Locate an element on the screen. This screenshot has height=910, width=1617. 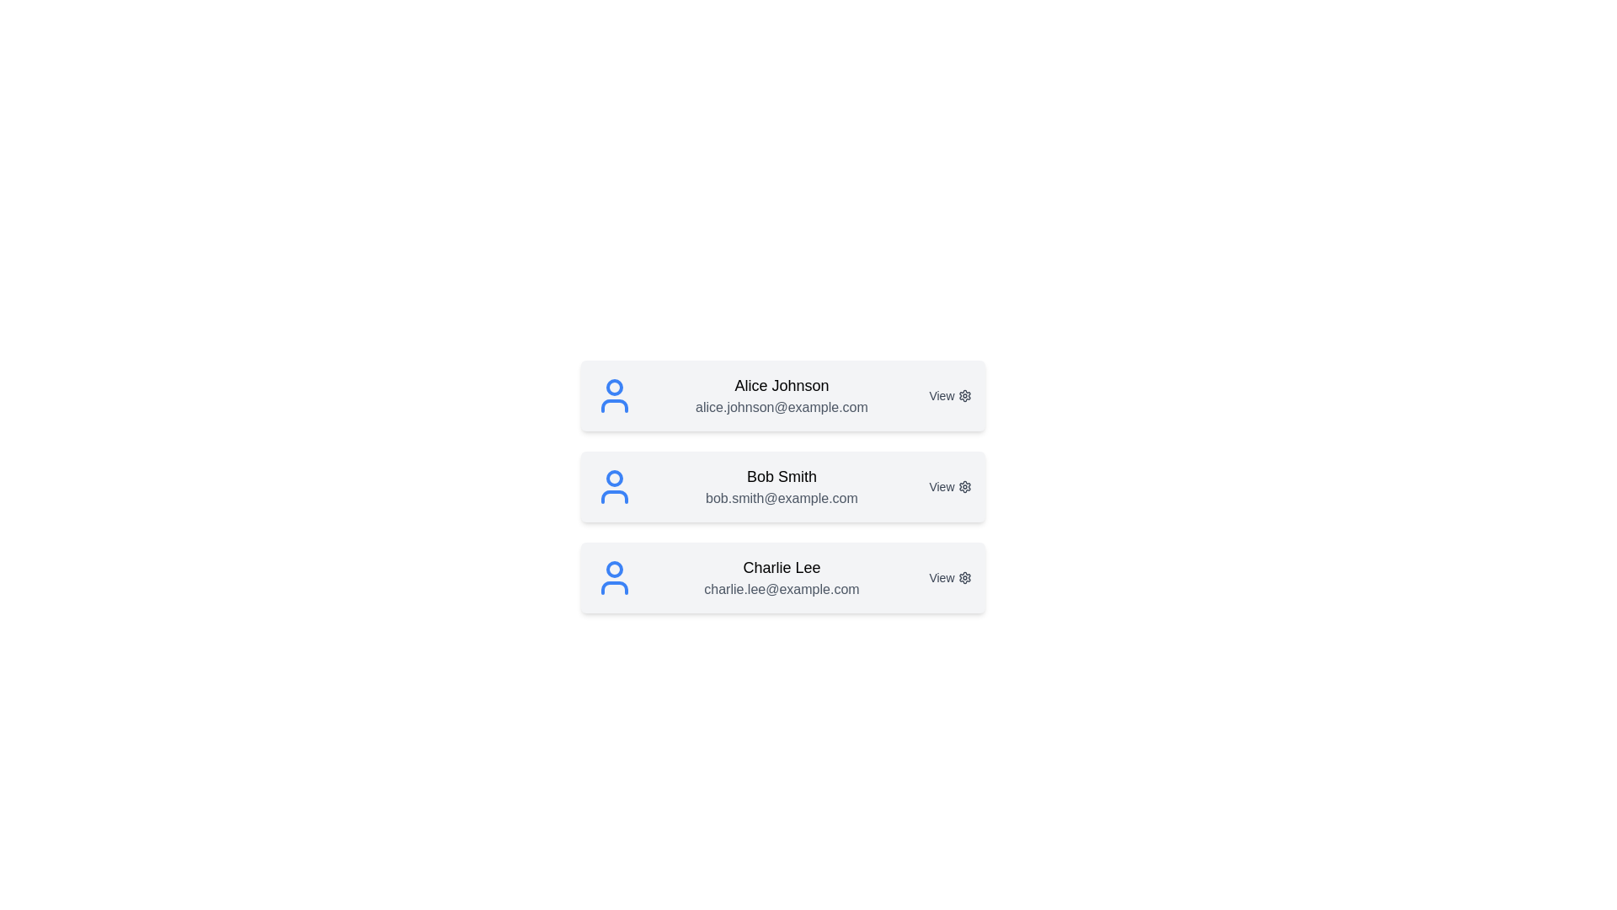
the user/profile representation icon, which is a circular blue icon with a user silhouette, located in the leftmost position of the user information block for 'Bob Smith' is located at coordinates (613, 487).